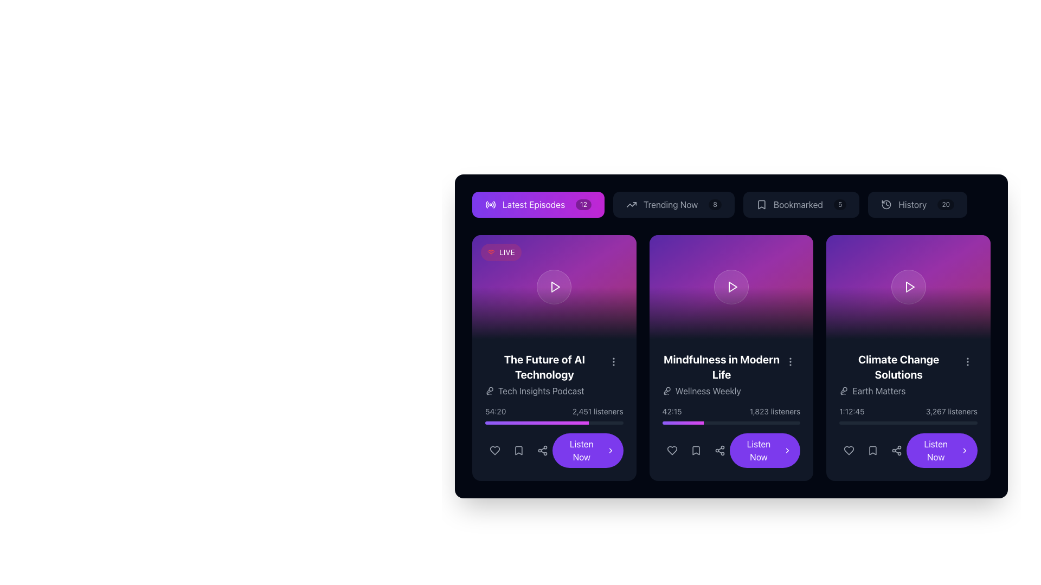 This screenshot has height=585, width=1041. I want to click on the interactive button located in the top-right corner of the 'Mindfulness in Modern Life' section, so click(791, 361).